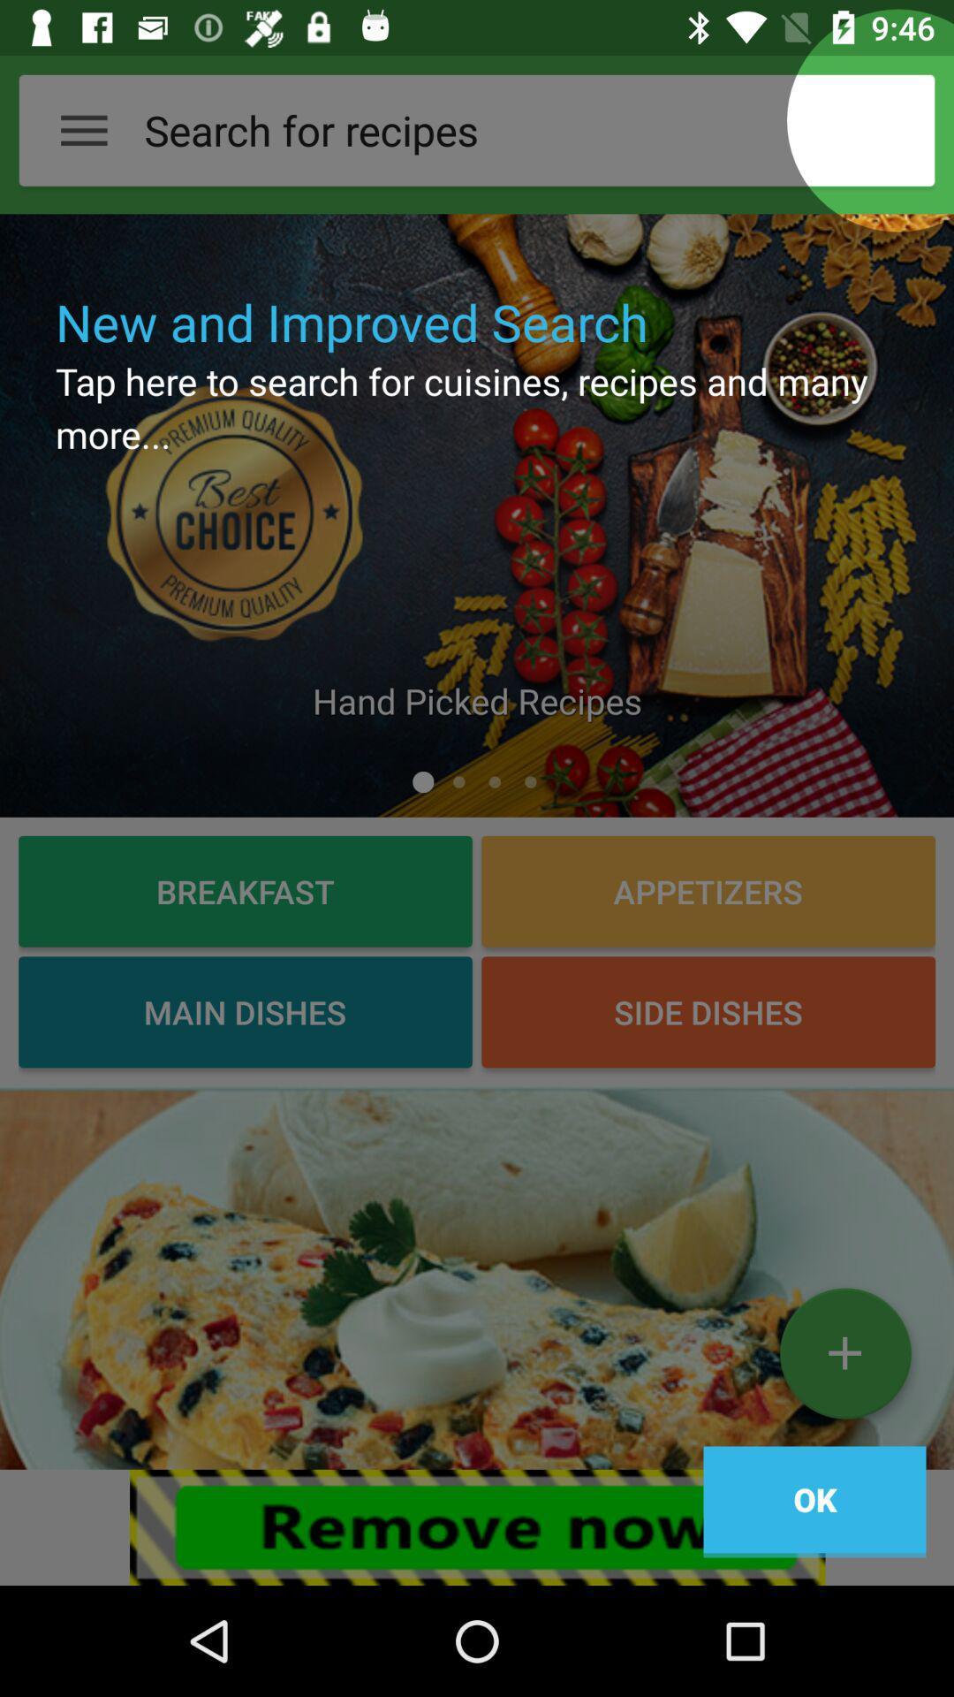 This screenshot has height=1697, width=954. I want to click on click the add option, so click(844, 1359).